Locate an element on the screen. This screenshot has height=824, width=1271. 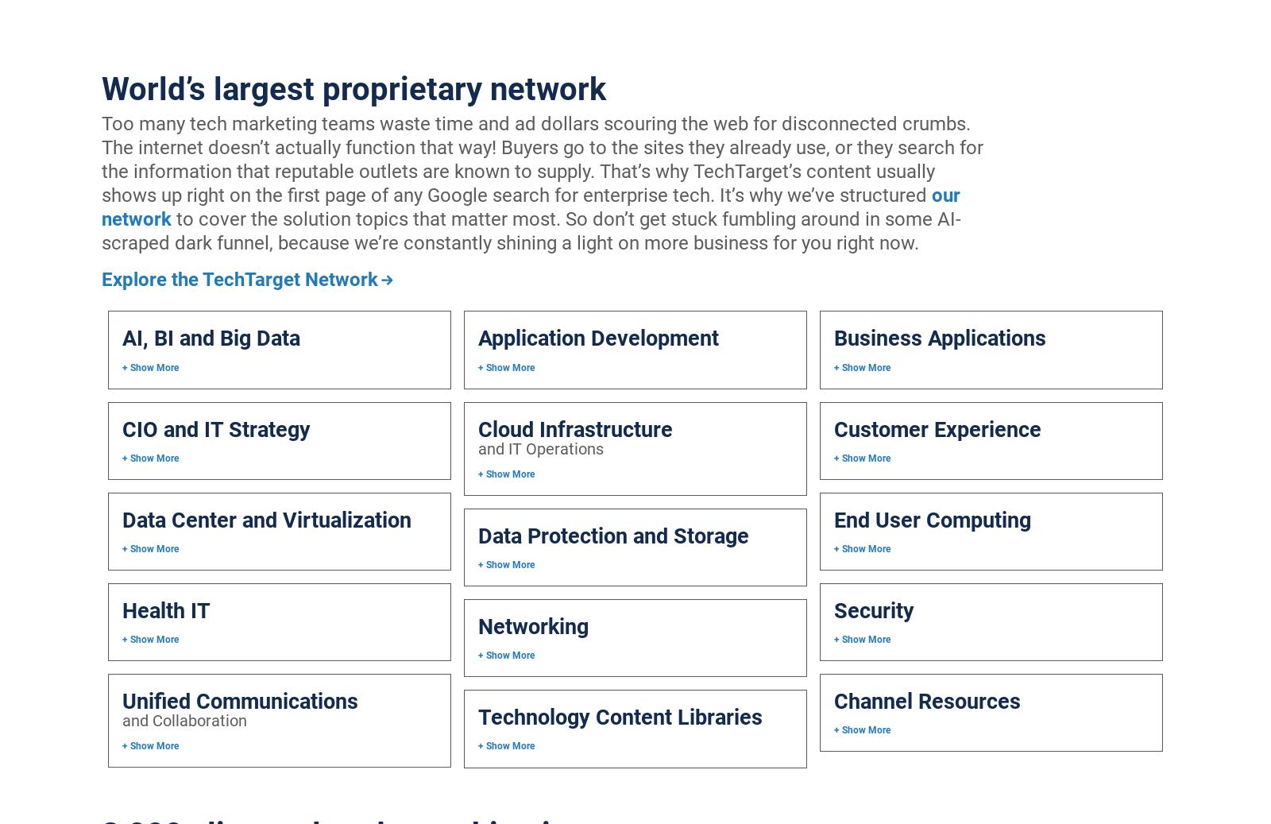
'End User Computing' is located at coordinates (931, 520).